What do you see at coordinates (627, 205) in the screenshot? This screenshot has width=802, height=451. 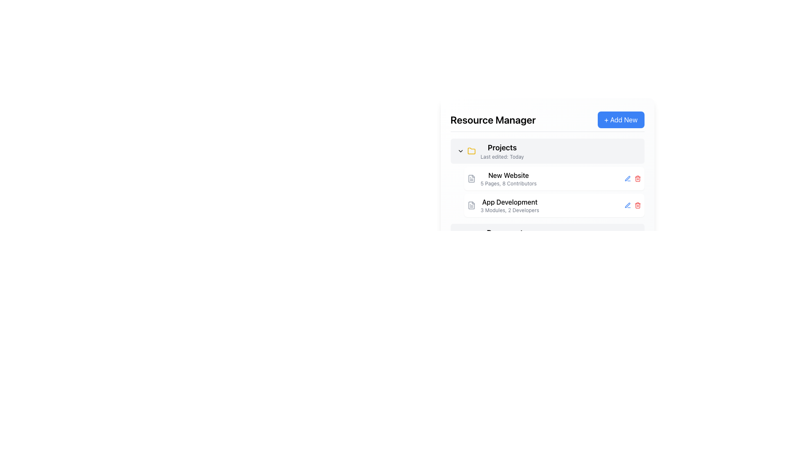 I see `the blue pen-shaped icon representing an edit action, which is the first icon in a horizontal group of icons to the left of a red trash bin icon` at bounding box center [627, 205].